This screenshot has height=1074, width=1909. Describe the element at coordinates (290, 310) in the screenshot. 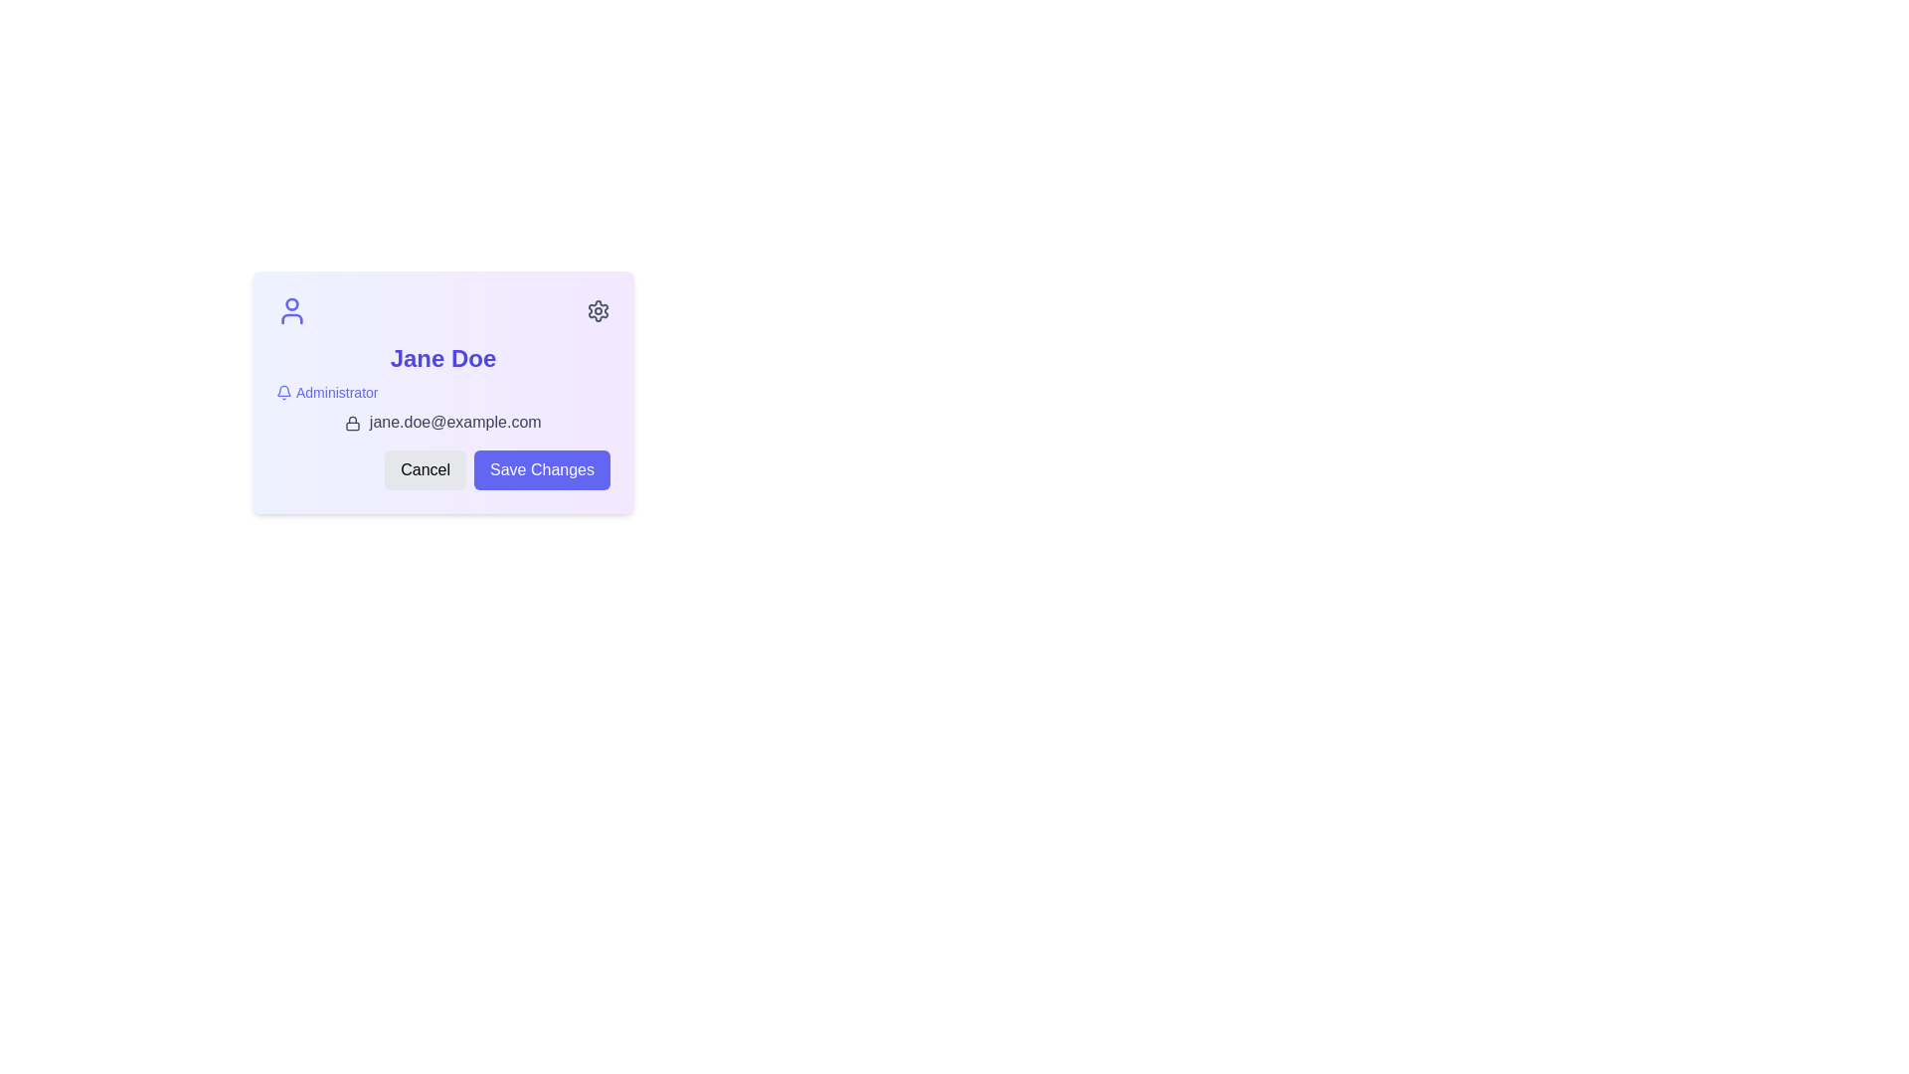

I see `the user profile SVG image element located at the top-left corner of the profile card structure` at that location.